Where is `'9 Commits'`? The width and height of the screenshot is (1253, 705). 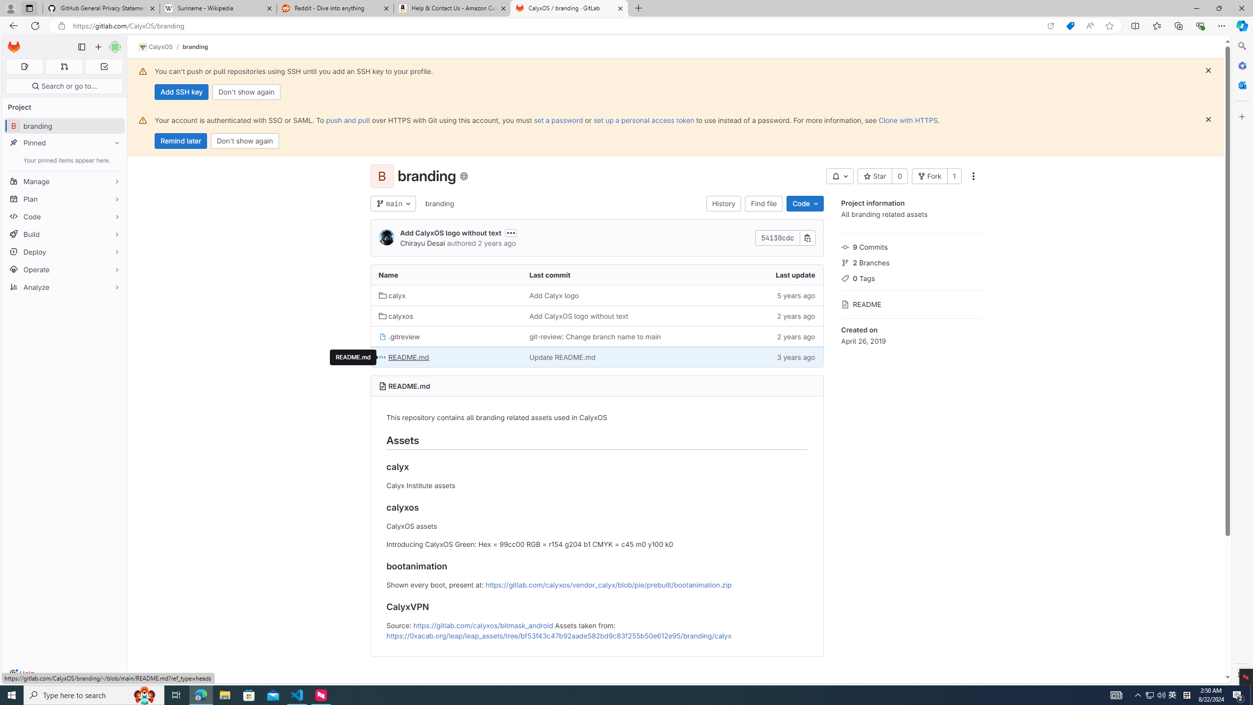 '9 Commits' is located at coordinates (911, 246).